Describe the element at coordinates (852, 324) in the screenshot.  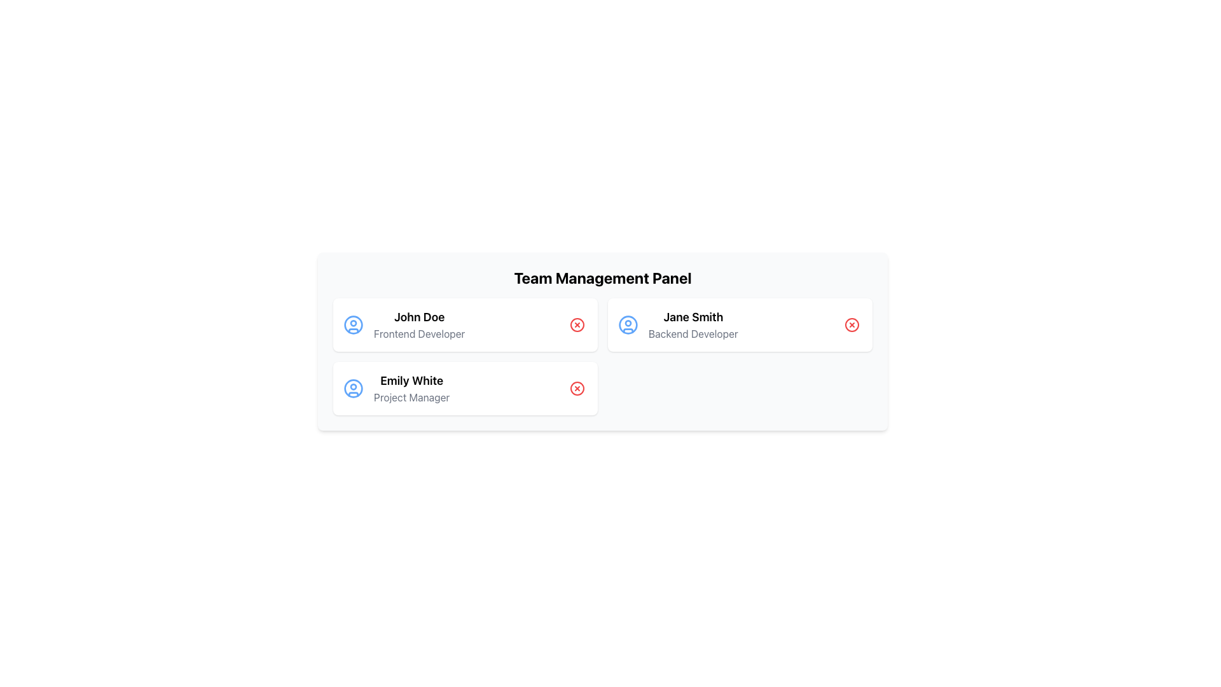
I see `the circular icon within the red-colored area located at the far right of the card for 'Jane Smith, Backend Developer', which indicates a status or action related to managing team members` at that location.